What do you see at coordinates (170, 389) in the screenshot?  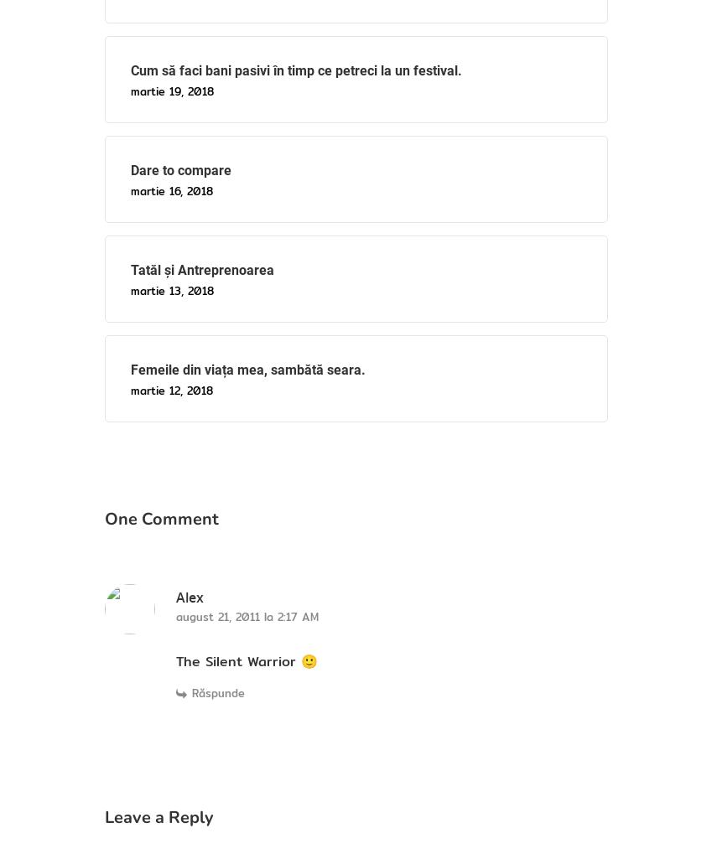 I see `'martie 12, 2018'` at bounding box center [170, 389].